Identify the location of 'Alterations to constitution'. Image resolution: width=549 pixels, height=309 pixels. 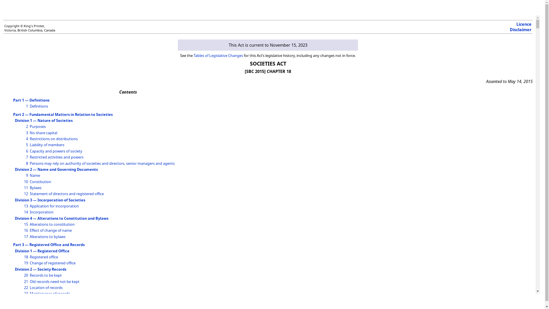
(52, 224).